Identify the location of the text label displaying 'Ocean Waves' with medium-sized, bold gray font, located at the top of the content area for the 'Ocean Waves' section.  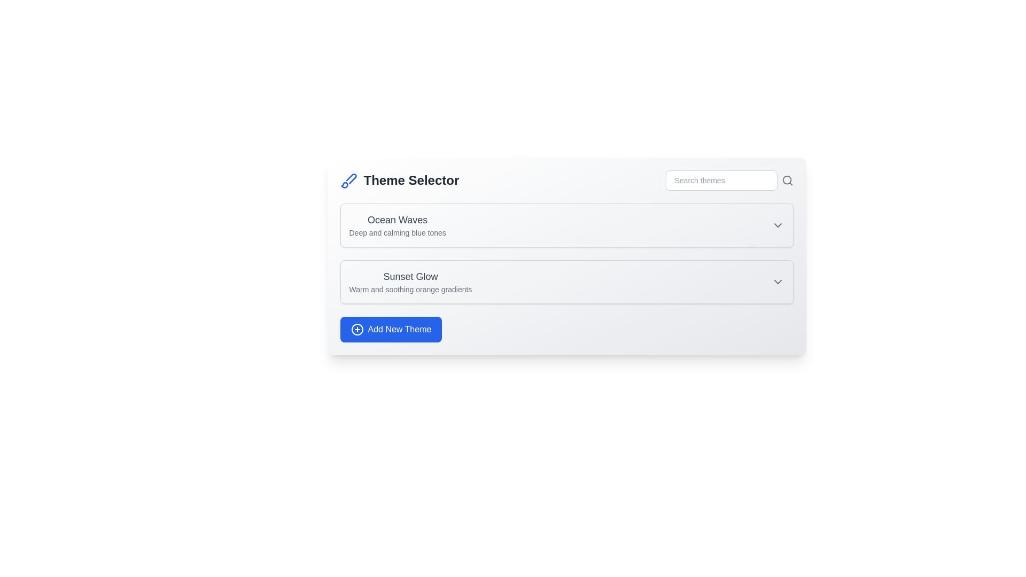
(397, 220).